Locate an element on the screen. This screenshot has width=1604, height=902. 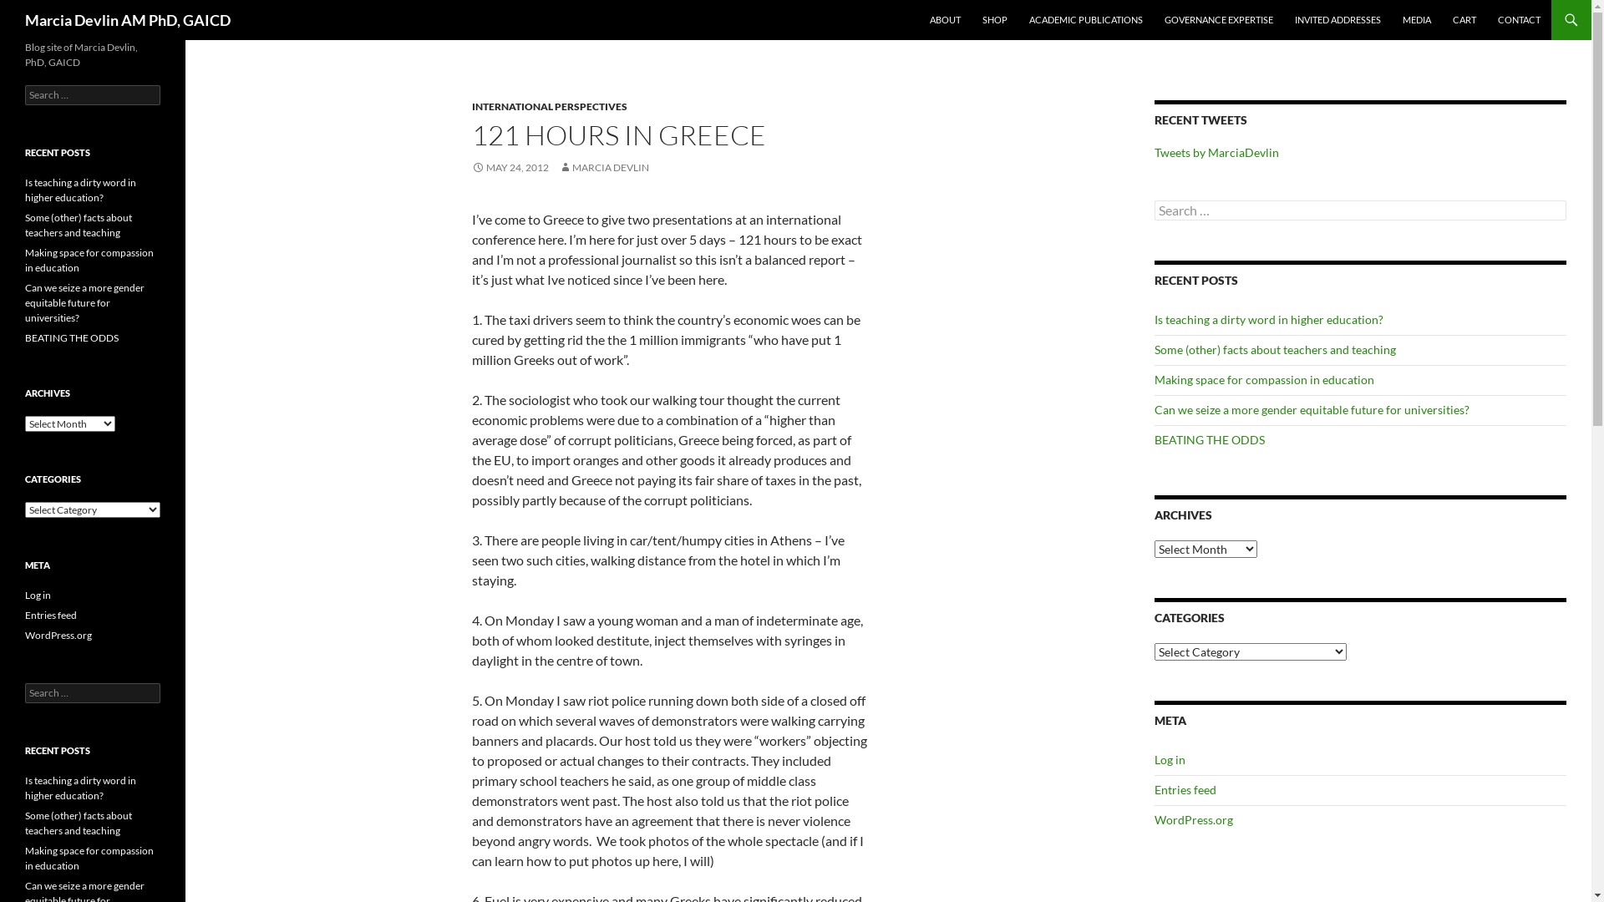
'Marcia Devlin AM PhD, GAICD' is located at coordinates (127, 19).